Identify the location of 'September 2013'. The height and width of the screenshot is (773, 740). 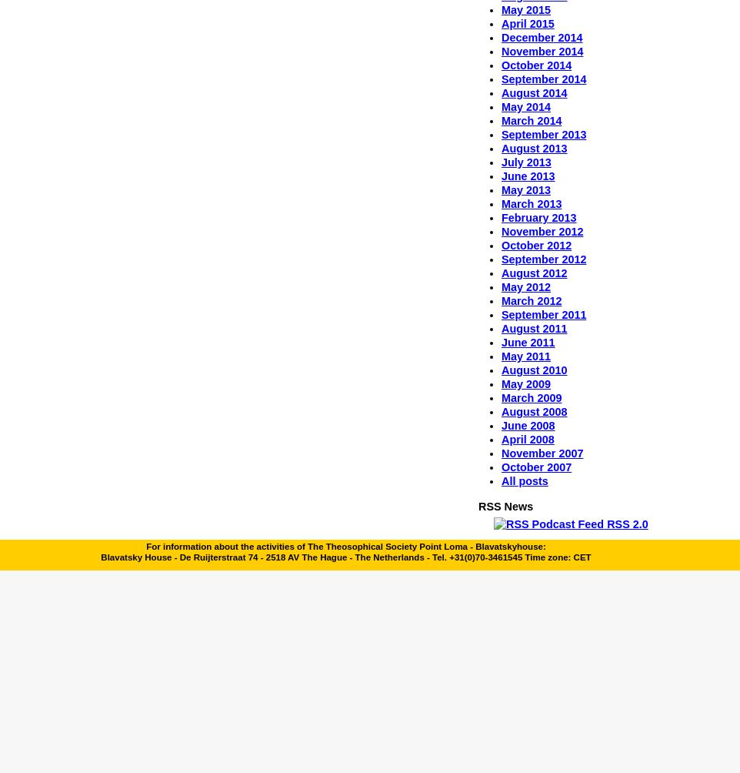
(542, 133).